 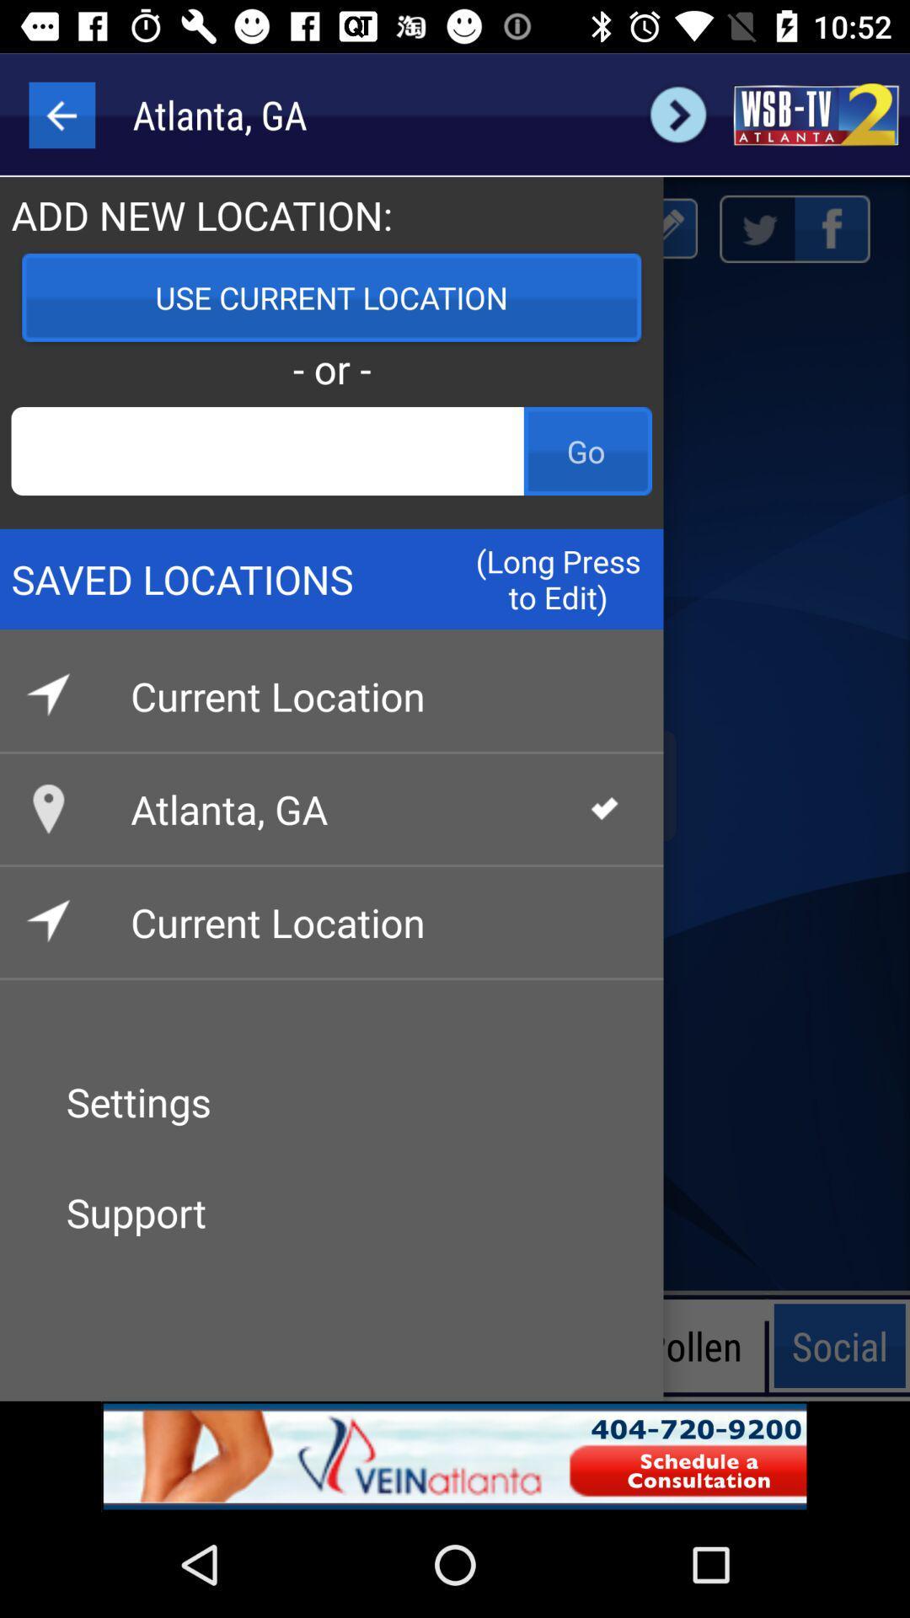 What do you see at coordinates (61, 114) in the screenshot?
I see `the arrow_backward icon` at bounding box center [61, 114].